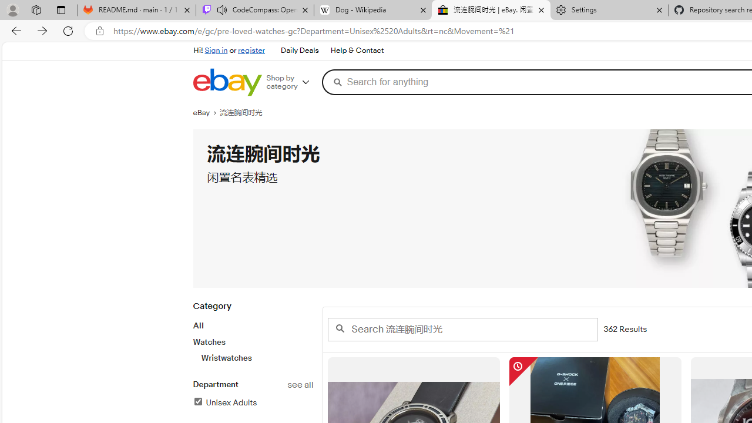 This screenshot has width=752, height=423. What do you see at coordinates (224, 402) in the screenshot?
I see `'Unisex Adults Filter Applied'` at bounding box center [224, 402].